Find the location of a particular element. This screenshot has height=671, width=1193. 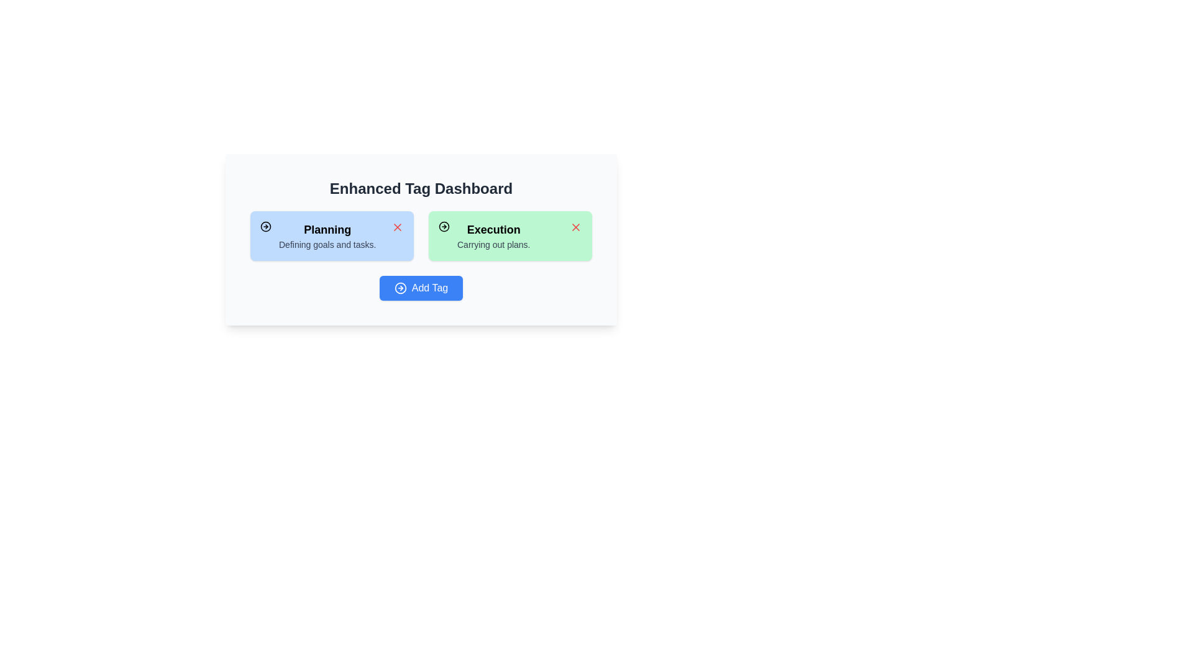

the Tag displaying the text 'Execution' in bold with the description 'Carrying out plans.' underneath is located at coordinates (493, 236).